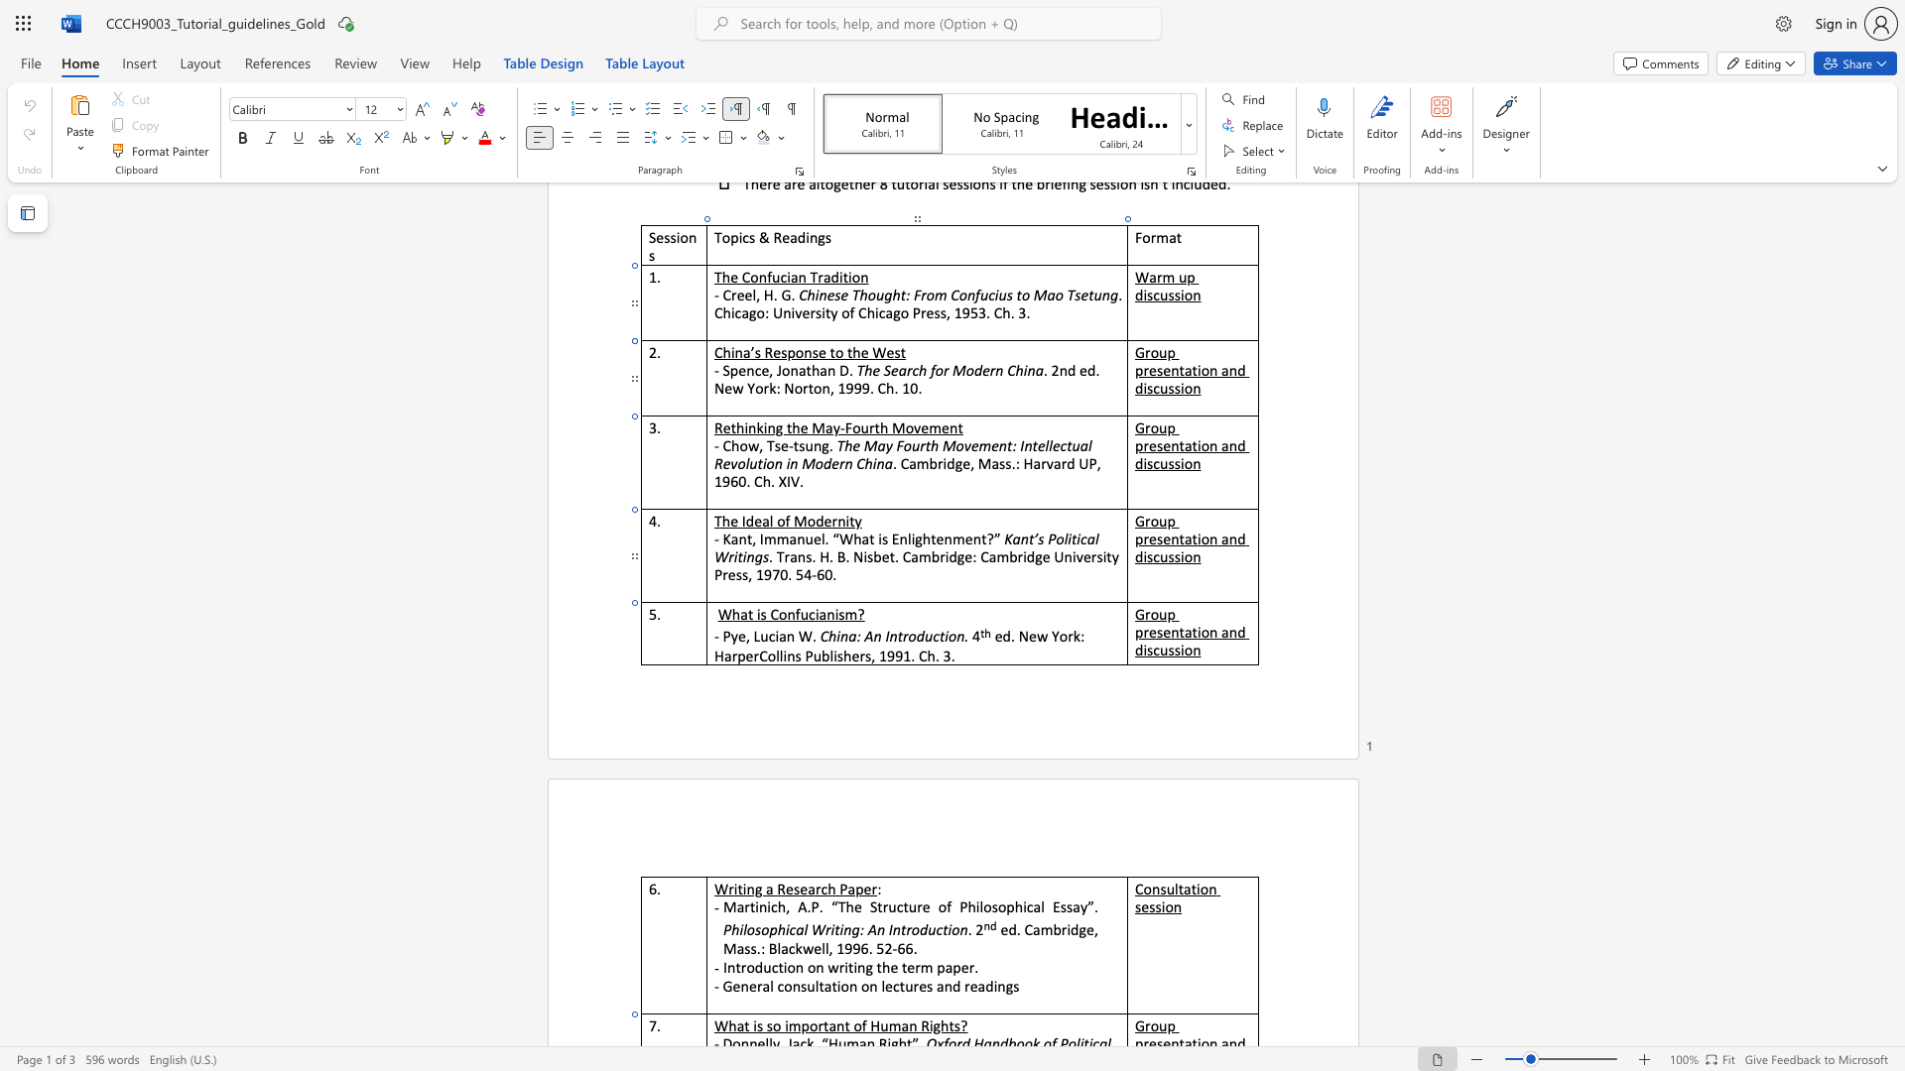 This screenshot has width=1905, height=1071. Describe the element at coordinates (826, 613) in the screenshot. I see `the space between the continuous character "a" and "n" in the text` at that location.